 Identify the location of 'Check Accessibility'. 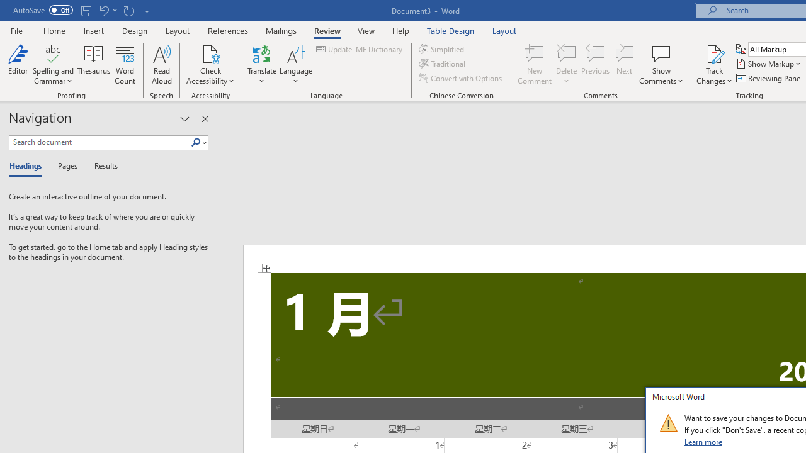
(210, 53).